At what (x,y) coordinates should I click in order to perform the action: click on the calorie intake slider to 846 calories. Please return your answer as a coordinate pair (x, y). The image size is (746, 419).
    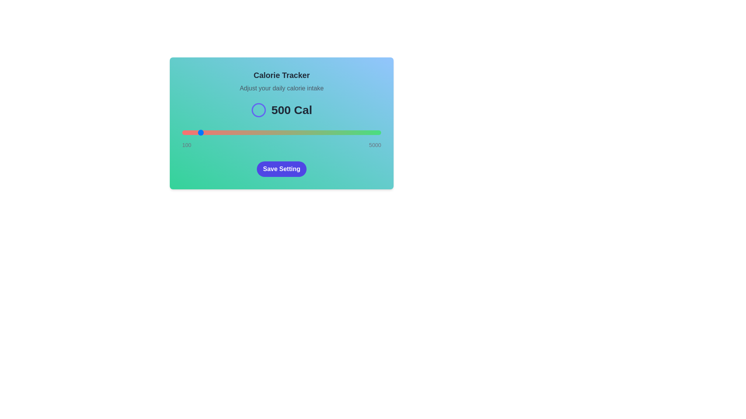
    Looking at the image, I should click on (213, 132).